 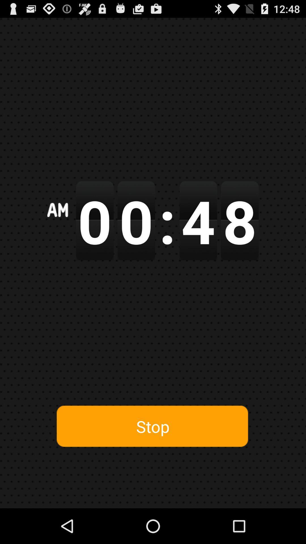 What do you see at coordinates (152, 426) in the screenshot?
I see `the stop item` at bounding box center [152, 426].